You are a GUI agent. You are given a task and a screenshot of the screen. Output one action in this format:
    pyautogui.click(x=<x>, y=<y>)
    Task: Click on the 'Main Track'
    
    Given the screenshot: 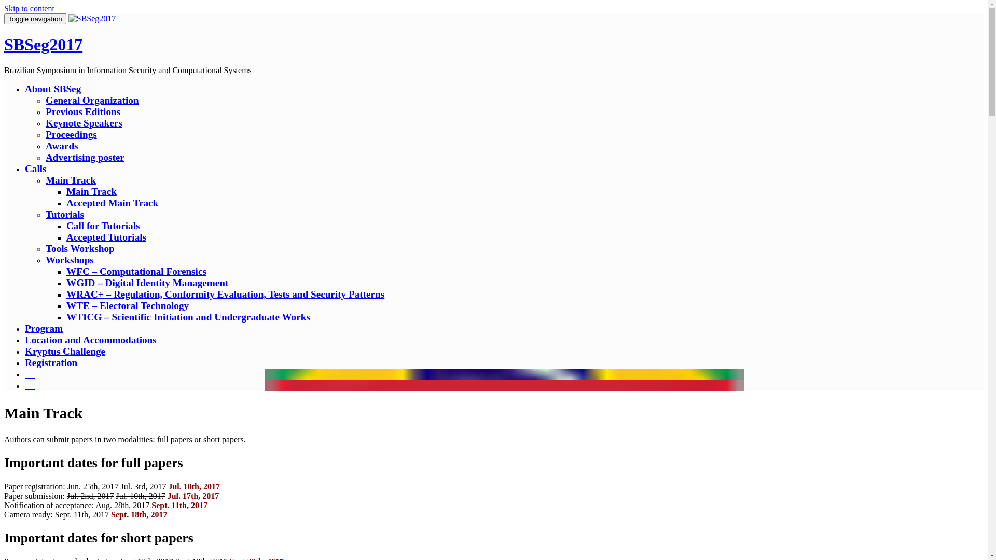 What is the action you would take?
    pyautogui.click(x=70, y=179)
    